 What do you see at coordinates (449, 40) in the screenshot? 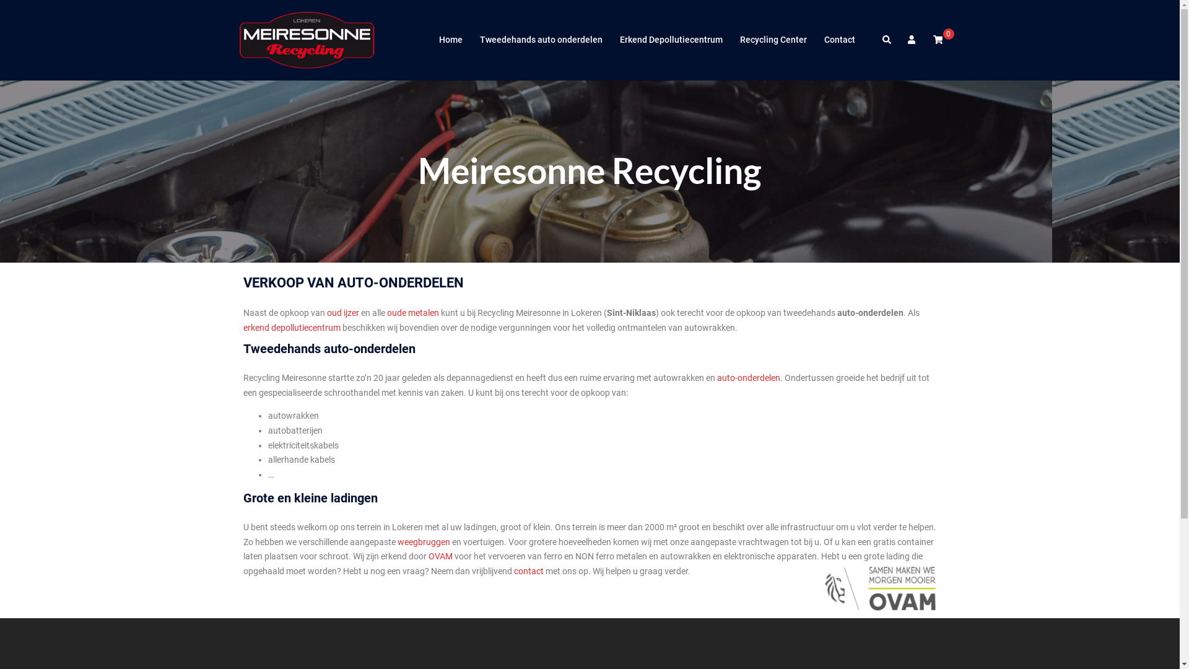
I see `'Home'` at bounding box center [449, 40].